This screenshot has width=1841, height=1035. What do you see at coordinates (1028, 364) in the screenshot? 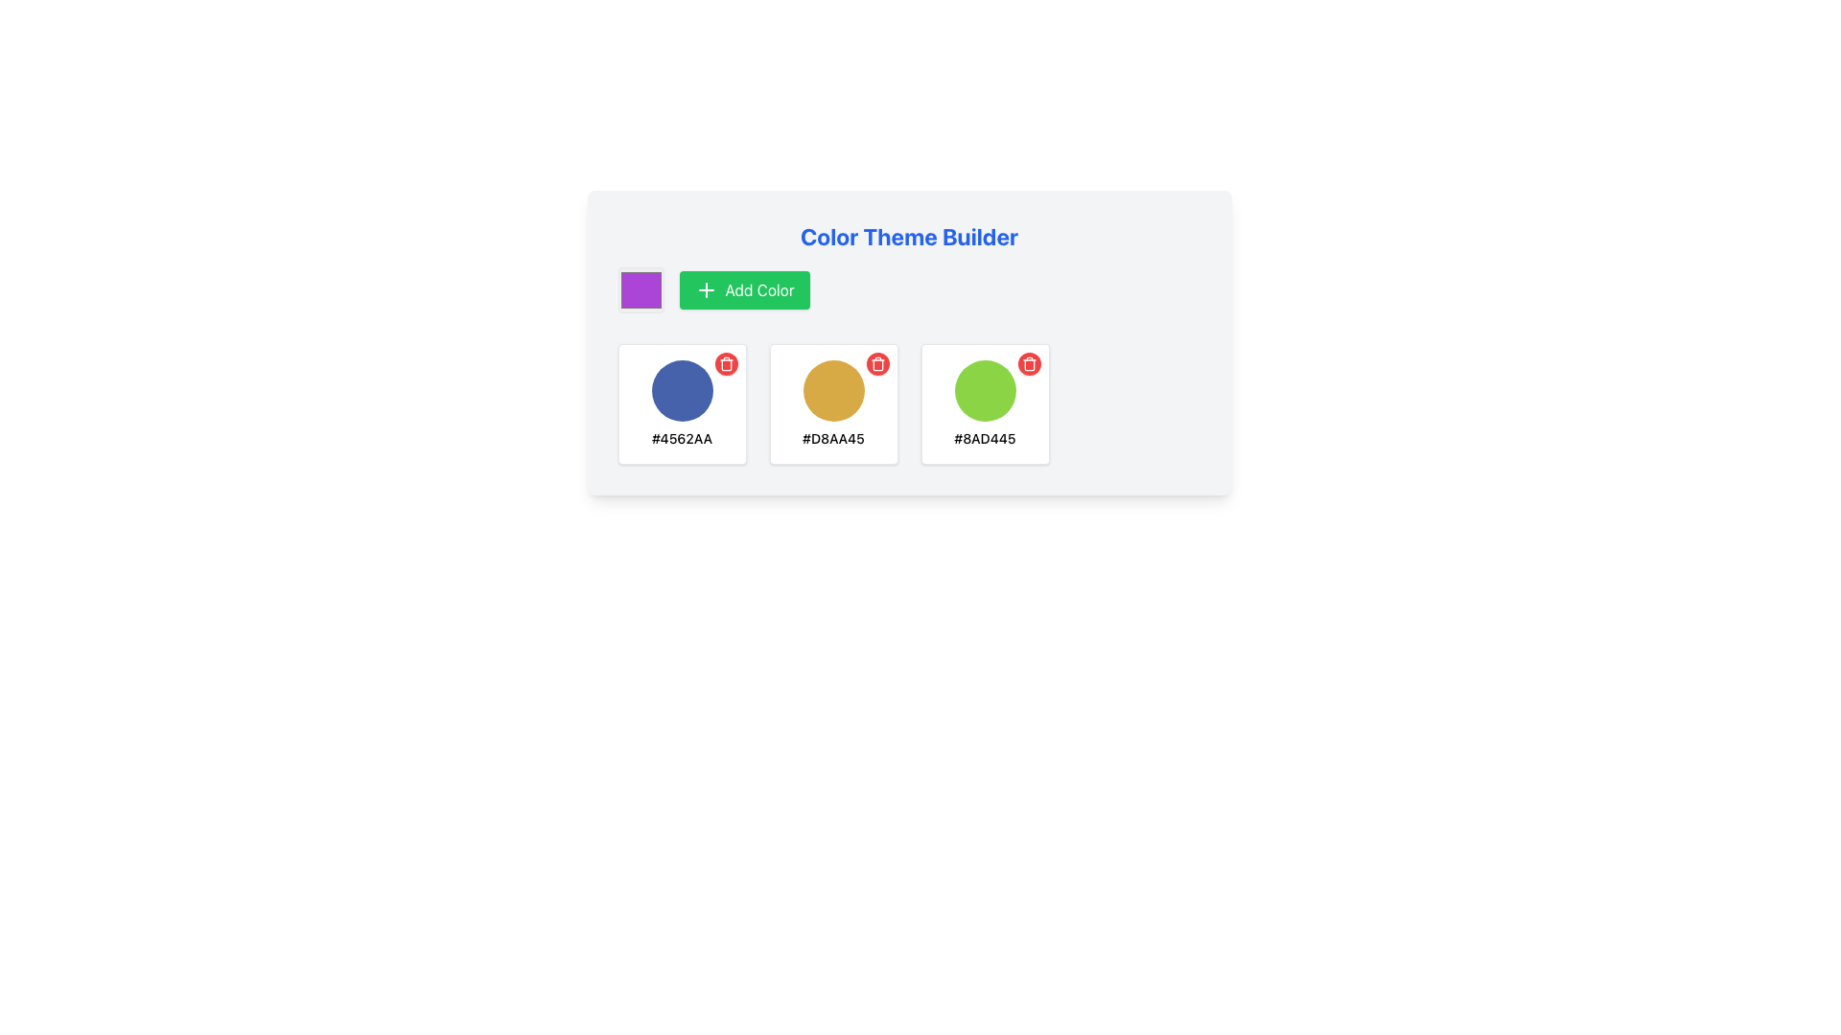
I see `the red circular delete button with a white trashcan icon located at the top-right corner of the color card representing #8AD445` at bounding box center [1028, 364].